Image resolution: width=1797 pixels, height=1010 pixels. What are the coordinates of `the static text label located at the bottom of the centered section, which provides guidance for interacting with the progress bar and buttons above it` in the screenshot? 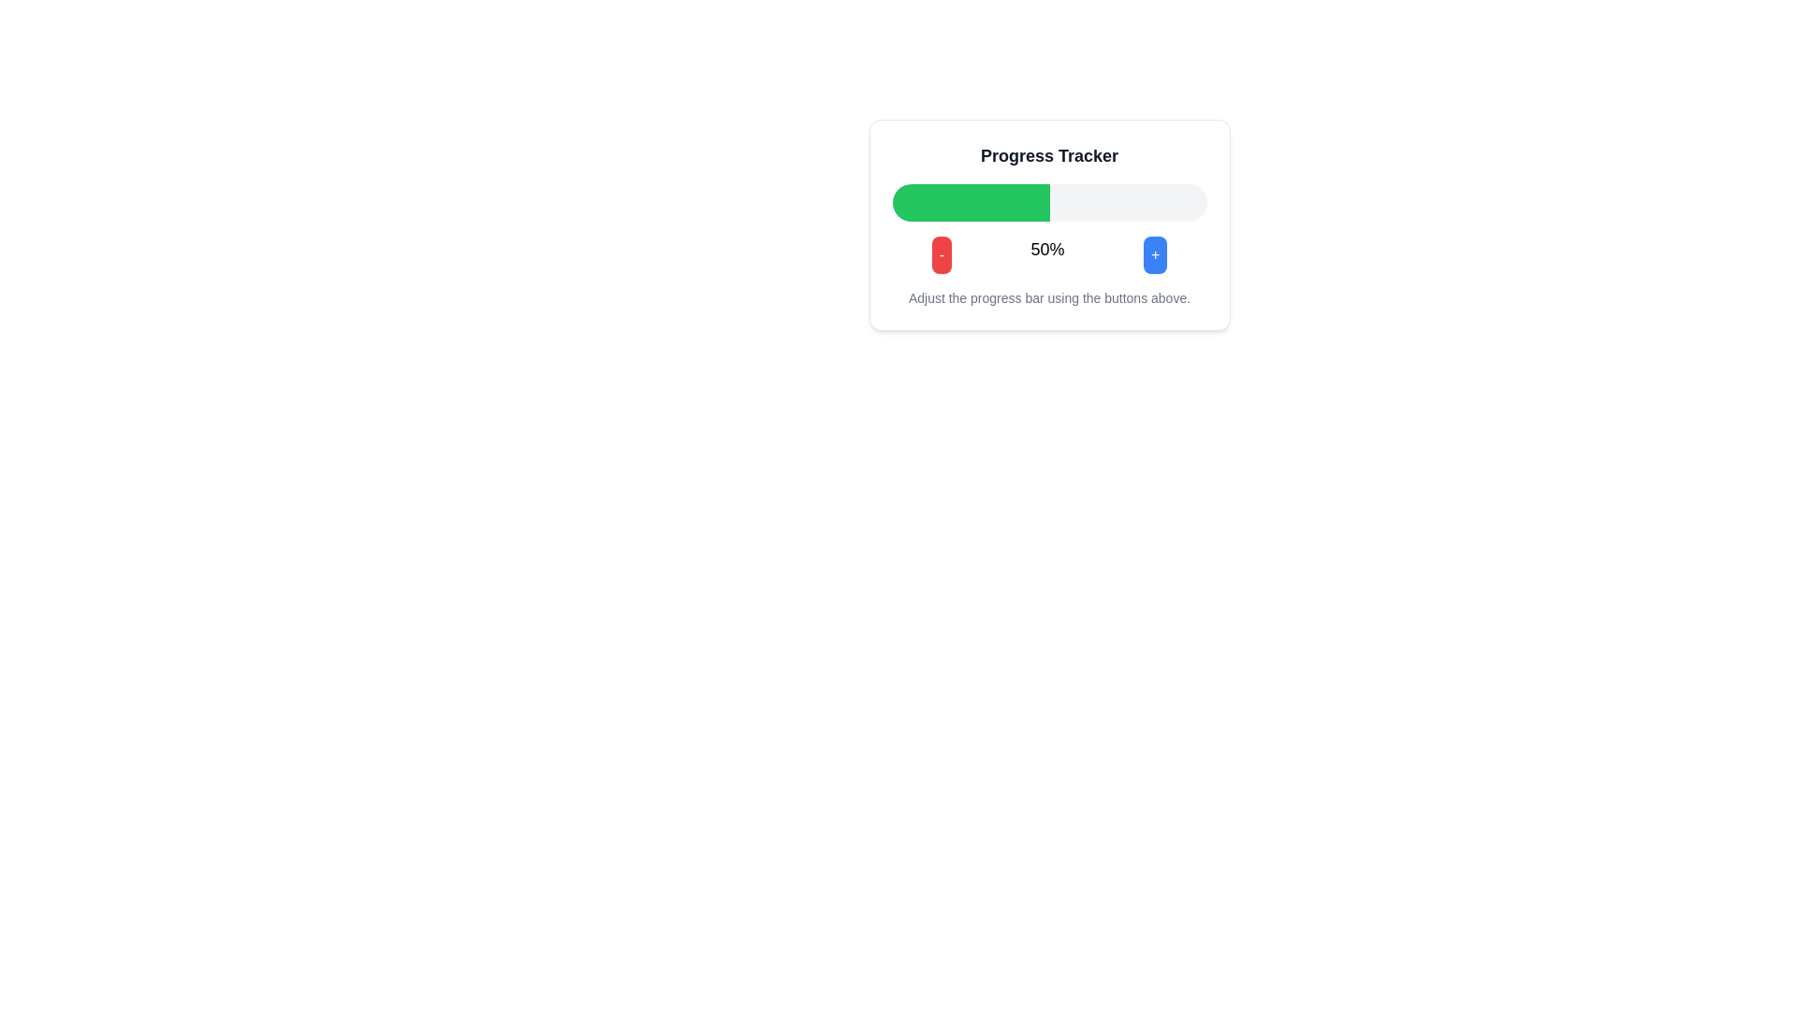 It's located at (1049, 297).